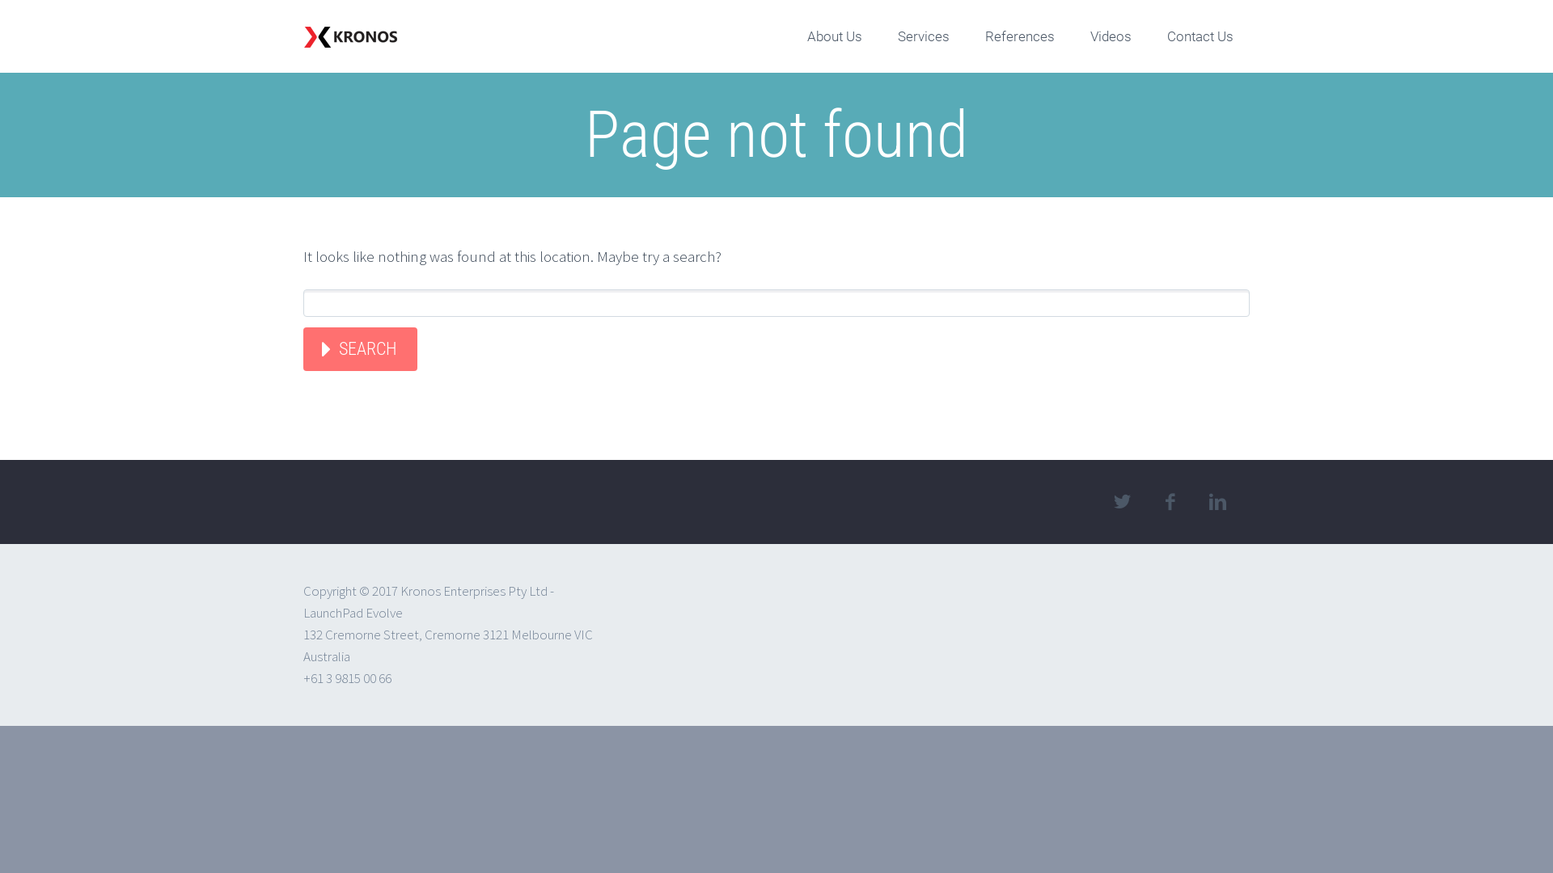 The width and height of the screenshot is (1553, 873). What do you see at coordinates (1169, 501) in the screenshot?
I see `'facebook'` at bounding box center [1169, 501].